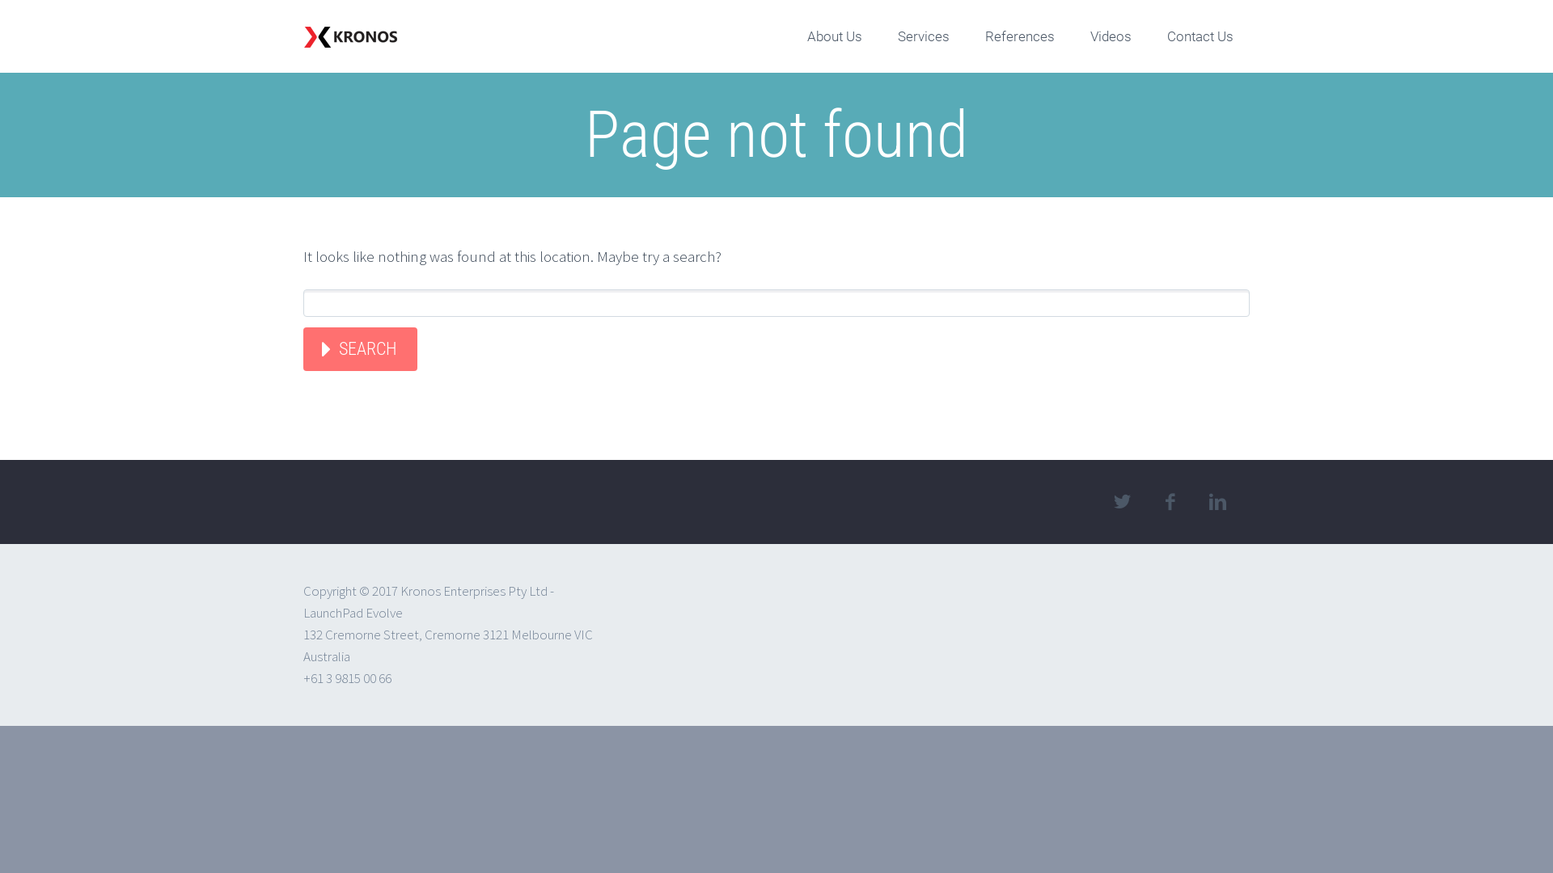 The width and height of the screenshot is (1553, 873). What do you see at coordinates (1169, 501) in the screenshot?
I see `'facebook'` at bounding box center [1169, 501].